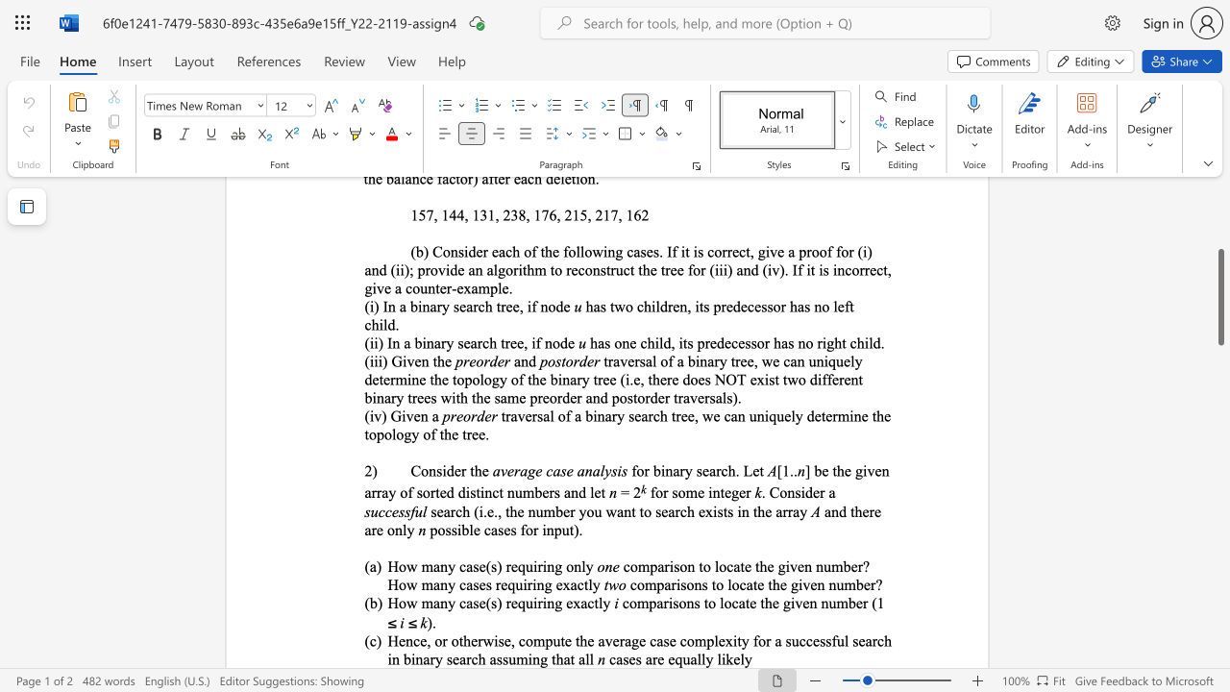 The width and height of the screenshot is (1230, 692). What do you see at coordinates (551, 658) in the screenshot?
I see `the subset text "tha" within the text "Hence, or otherwise, compute the average case complexity for a successful search in binary search assuming that all"` at bounding box center [551, 658].